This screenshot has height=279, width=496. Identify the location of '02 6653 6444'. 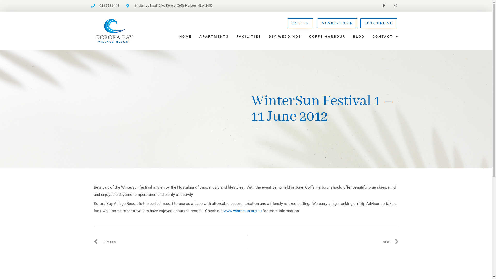
(105, 6).